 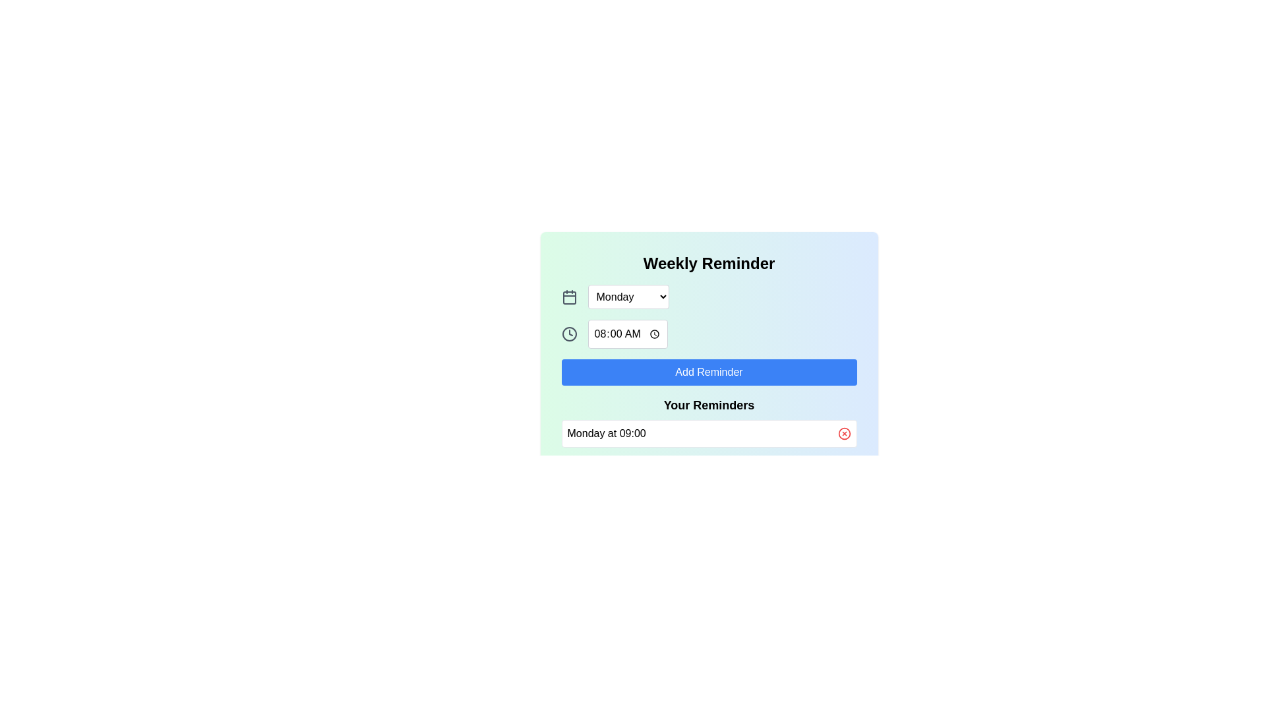 What do you see at coordinates (628, 297) in the screenshot?
I see `the dropdown arrow of the rectangular dropdown selection box labeled 'Monday'` at bounding box center [628, 297].